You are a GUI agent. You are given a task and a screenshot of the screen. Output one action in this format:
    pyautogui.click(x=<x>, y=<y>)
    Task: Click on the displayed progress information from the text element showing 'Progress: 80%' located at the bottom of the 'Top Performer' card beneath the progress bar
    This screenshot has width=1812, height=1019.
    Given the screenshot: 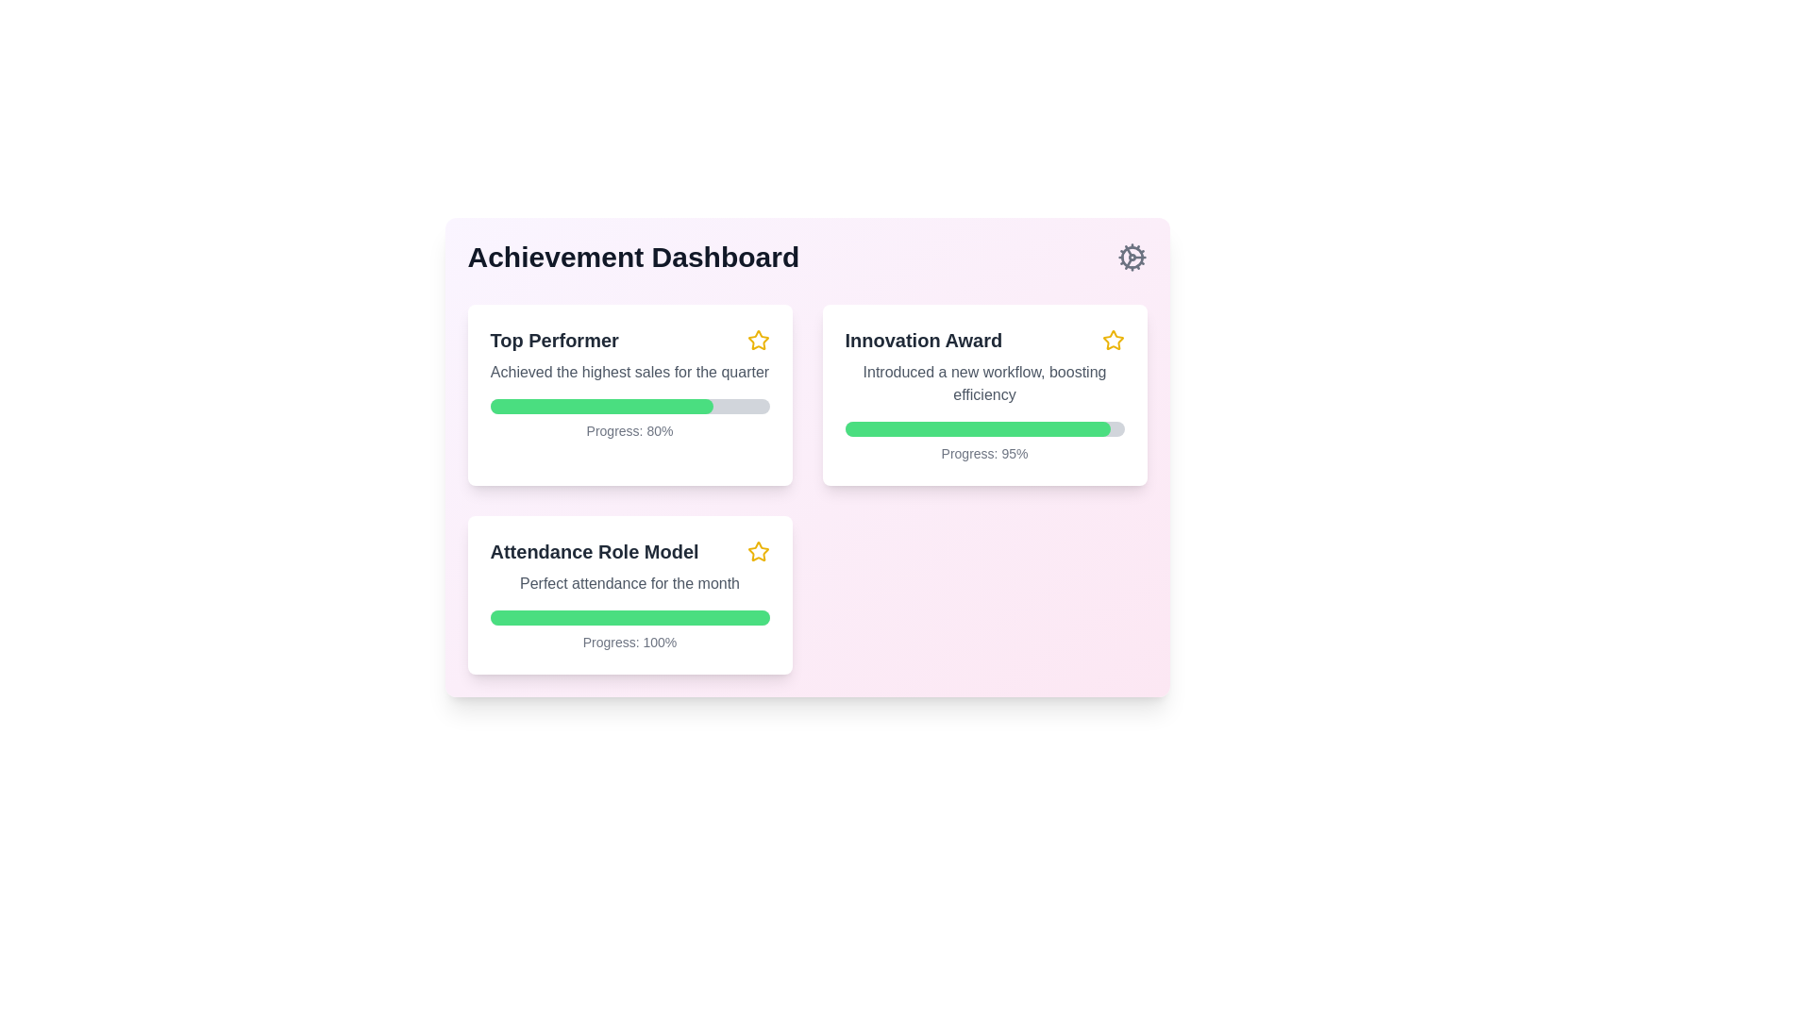 What is the action you would take?
    pyautogui.click(x=629, y=430)
    